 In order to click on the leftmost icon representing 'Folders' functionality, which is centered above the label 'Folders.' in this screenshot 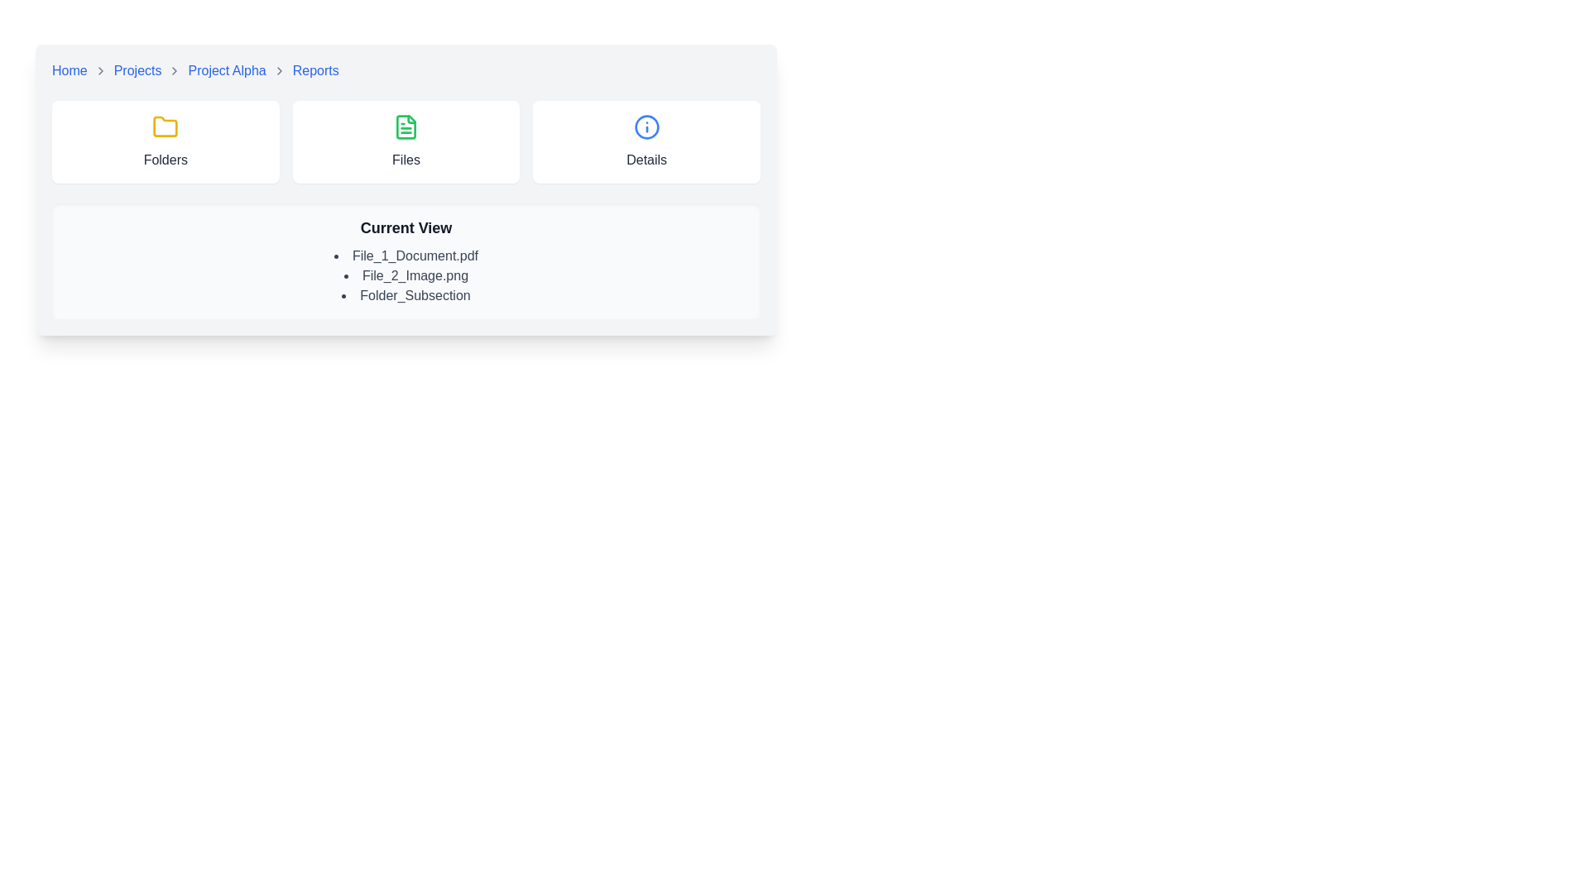, I will do `click(166, 126)`.